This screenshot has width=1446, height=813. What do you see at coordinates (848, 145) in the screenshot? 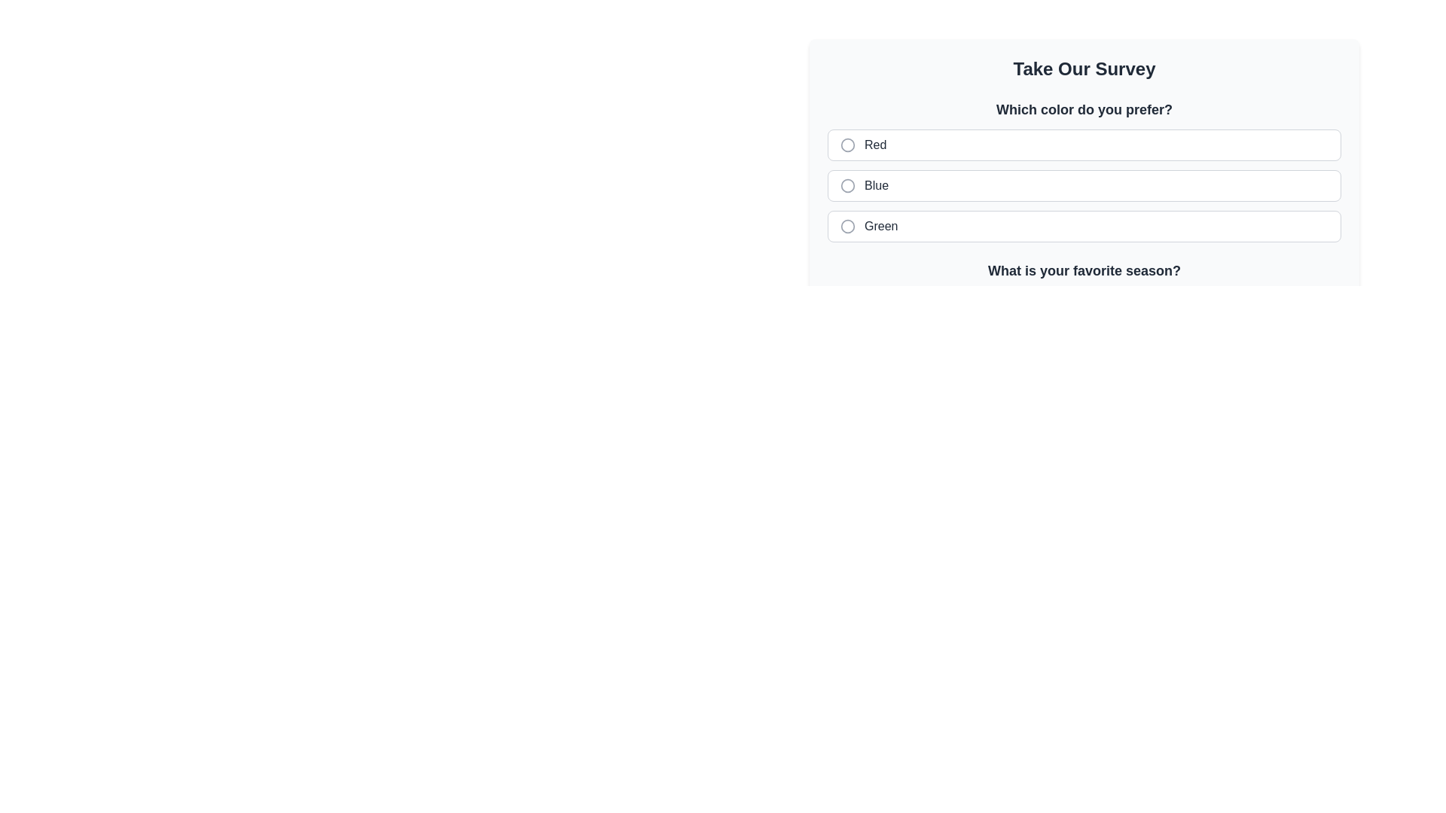
I see `the circular checkbox indicator associated with the survey question 'Which color do you prefer?'` at bounding box center [848, 145].